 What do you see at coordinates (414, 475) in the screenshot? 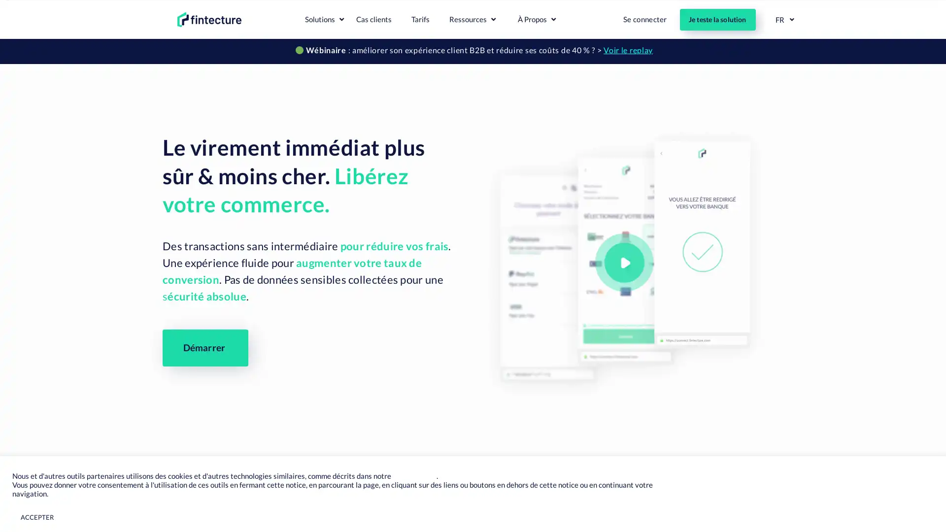
I see `Page Cookies` at bounding box center [414, 475].